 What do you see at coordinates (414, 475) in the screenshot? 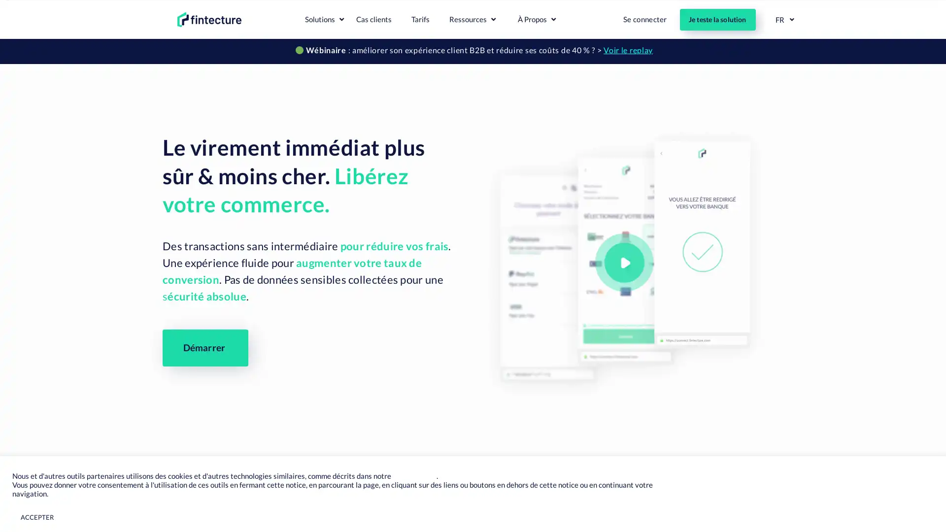
I see `Page Cookies` at bounding box center [414, 475].